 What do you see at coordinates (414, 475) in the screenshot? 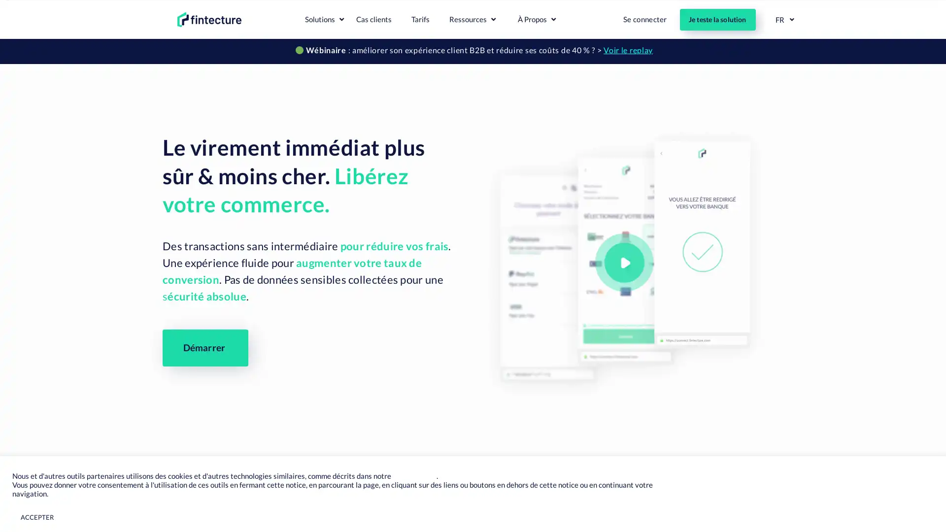
I see `Page Cookies` at bounding box center [414, 475].